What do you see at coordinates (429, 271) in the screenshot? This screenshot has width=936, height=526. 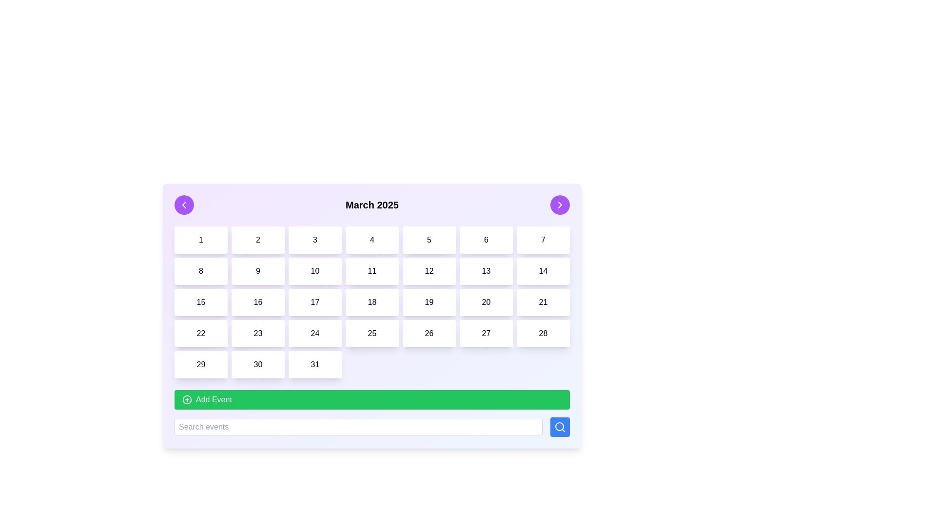 I see `the calendar cell displaying the number '12' in the second row, sixth column of the grid layout for March 2025` at bounding box center [429, 271].